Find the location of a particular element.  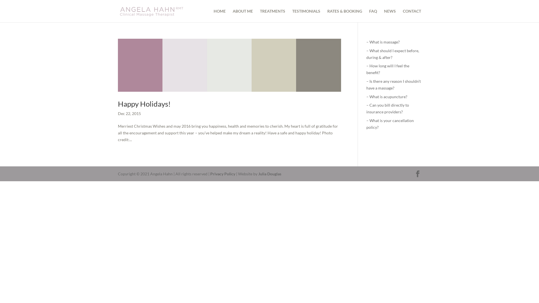

'TESTIMONIALS' is located at coordinates (306, 15).